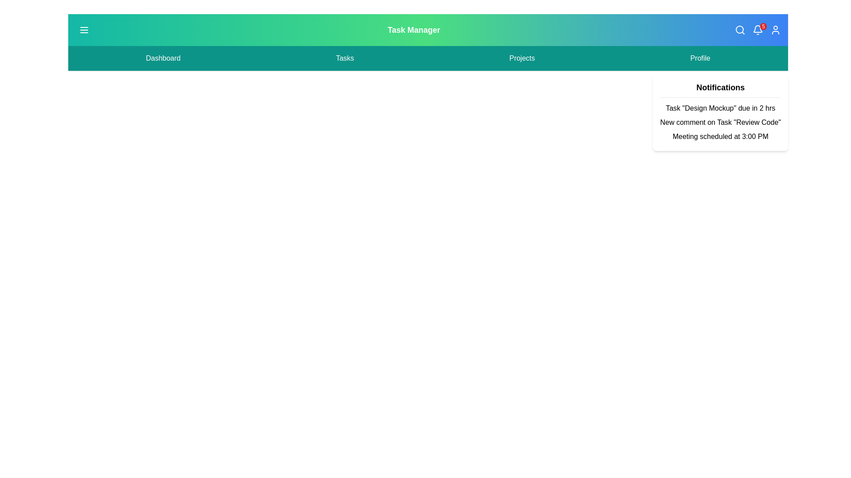 This screenshot has width=851, height=478. What do you see at coordinates (757, 30) in the screenshot?
I see `the notification bell to toggle the notifications panel` at bounding box center [757, 30].